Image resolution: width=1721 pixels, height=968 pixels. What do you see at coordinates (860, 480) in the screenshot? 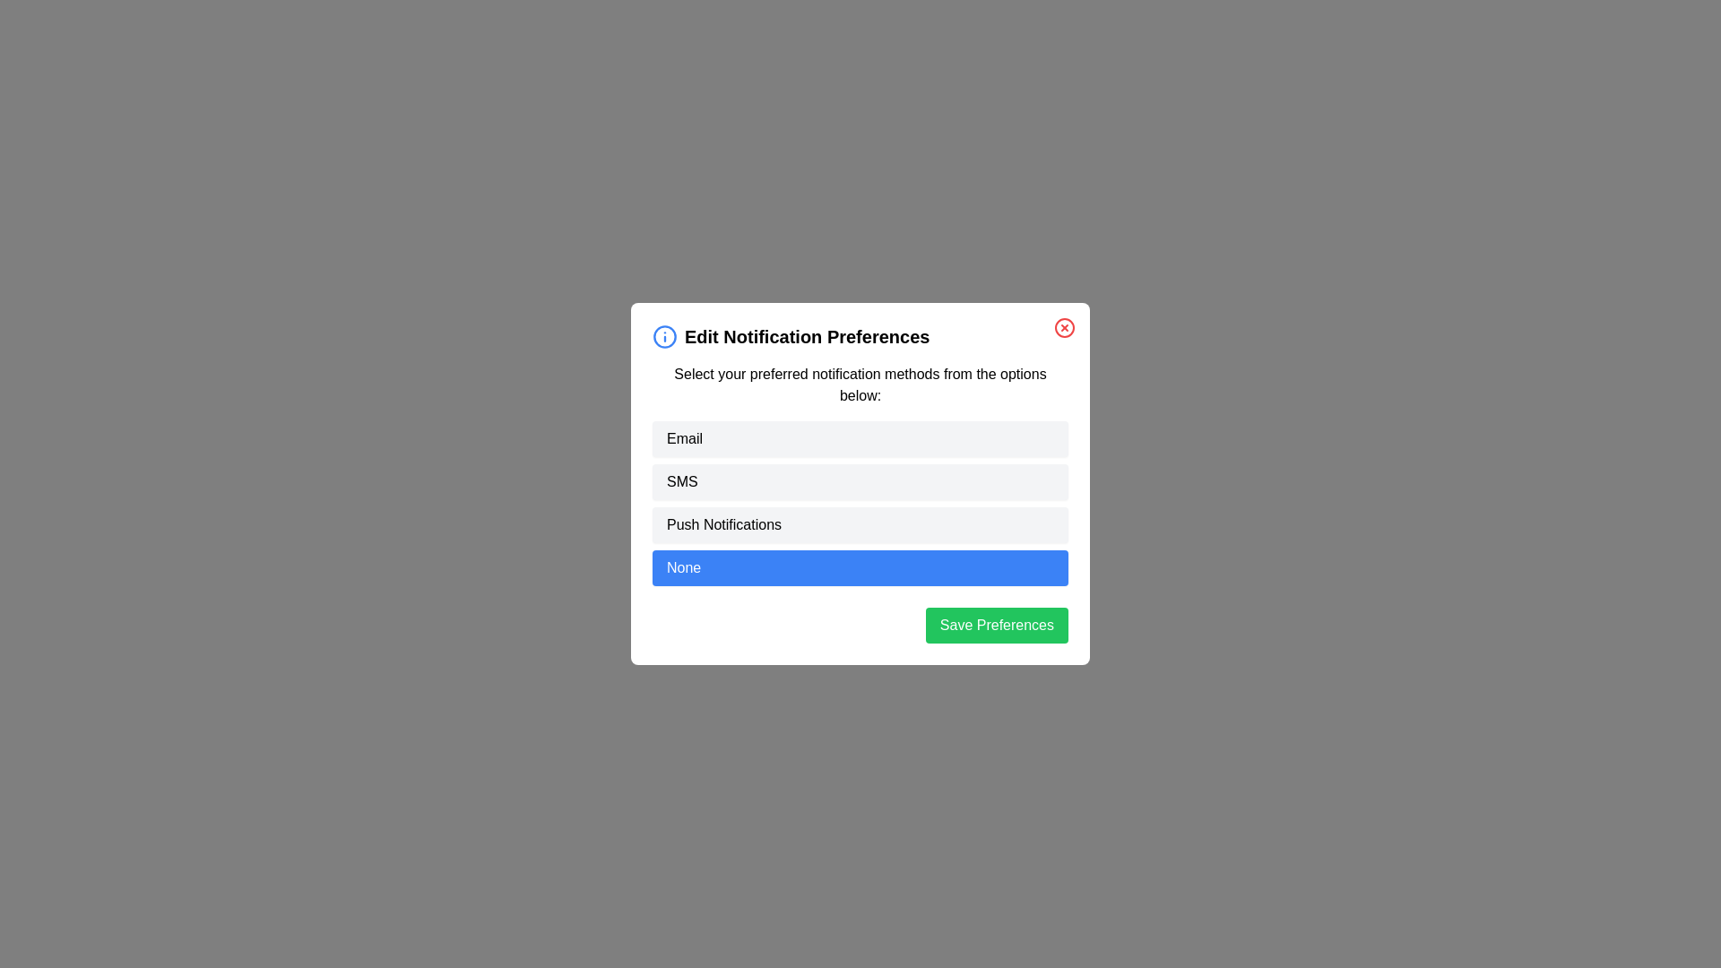
I see `the option SMS from the list by clicking on it` at bounding box center [860, 480].